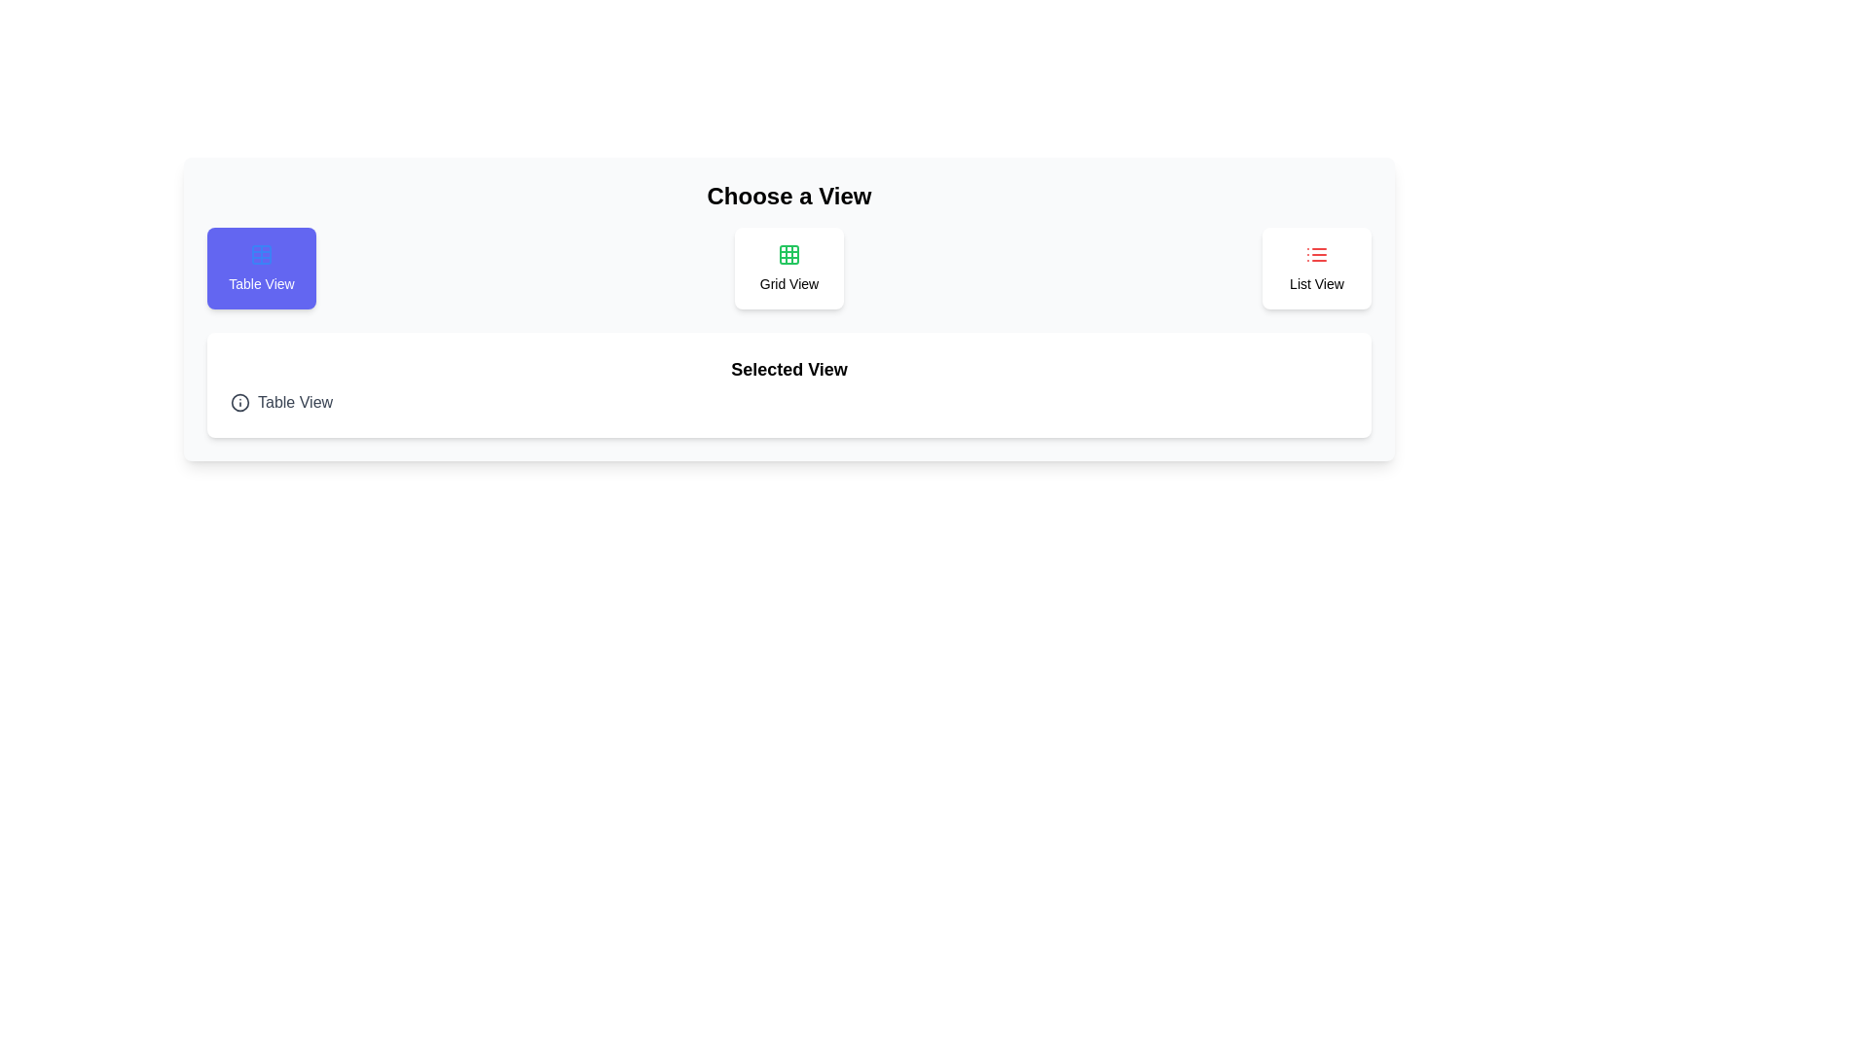 This screenshot has width=1869, height=1051. Describe the element at coordinates (260, 269) in the screenshot. I see `the first button in the row to switch the interface to a table view` at that location.